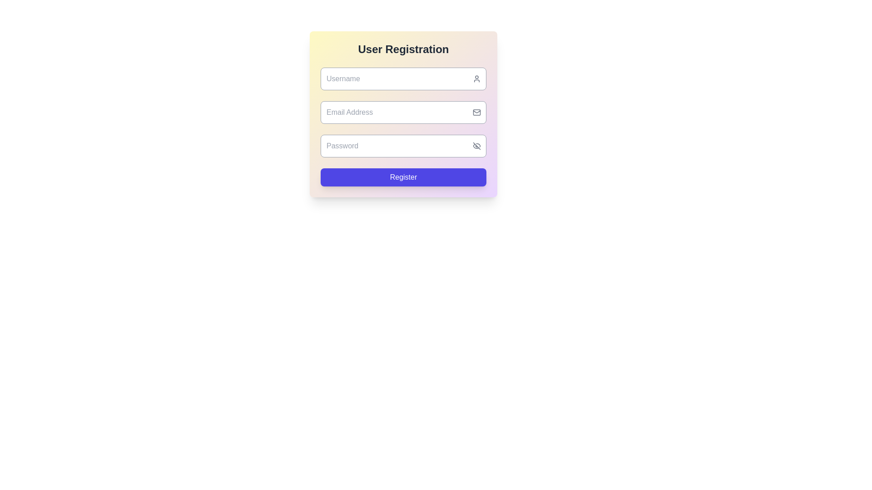 The height and width of the screenshot is (490, 872). What do you see at coordinates (476, 78) in the screenshot?
I see `the user icon, which is a gray outline of a person's bust and head, located on the right-middle side of the username input field` at bounding box center [476, 78].